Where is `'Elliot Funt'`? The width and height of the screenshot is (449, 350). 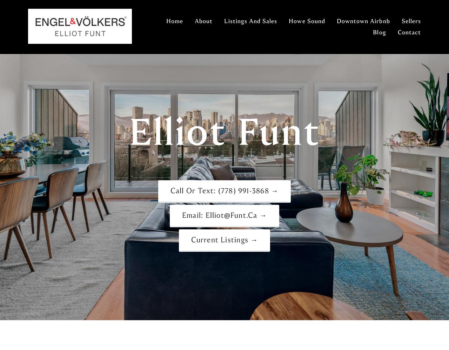
'Elliot Funt' is located at coordinates (224, 132).